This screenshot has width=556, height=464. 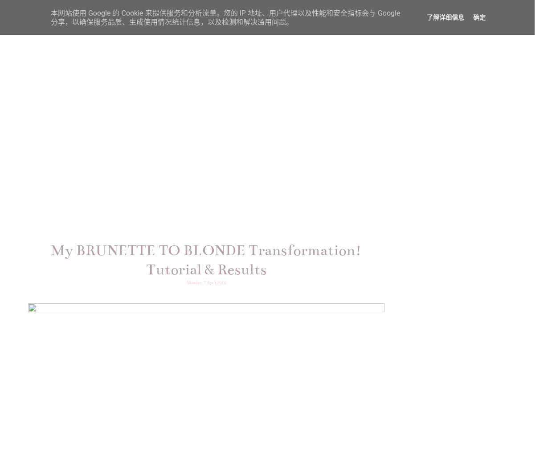 What do you see at coordinates (221, 32) in the screenshot?
I see `'ABOUT'` at bounding box center [221, 32].